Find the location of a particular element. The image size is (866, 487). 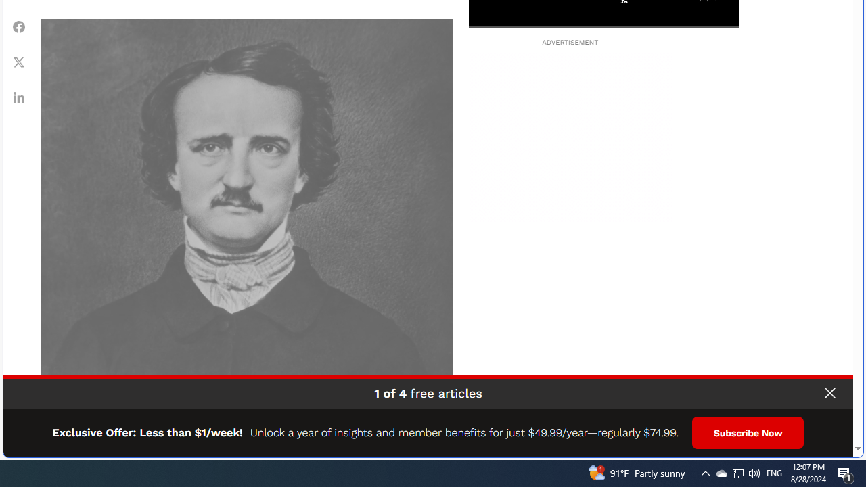

'Tray Input Indicator - English (United States)' is located at coordinates (774, 472).